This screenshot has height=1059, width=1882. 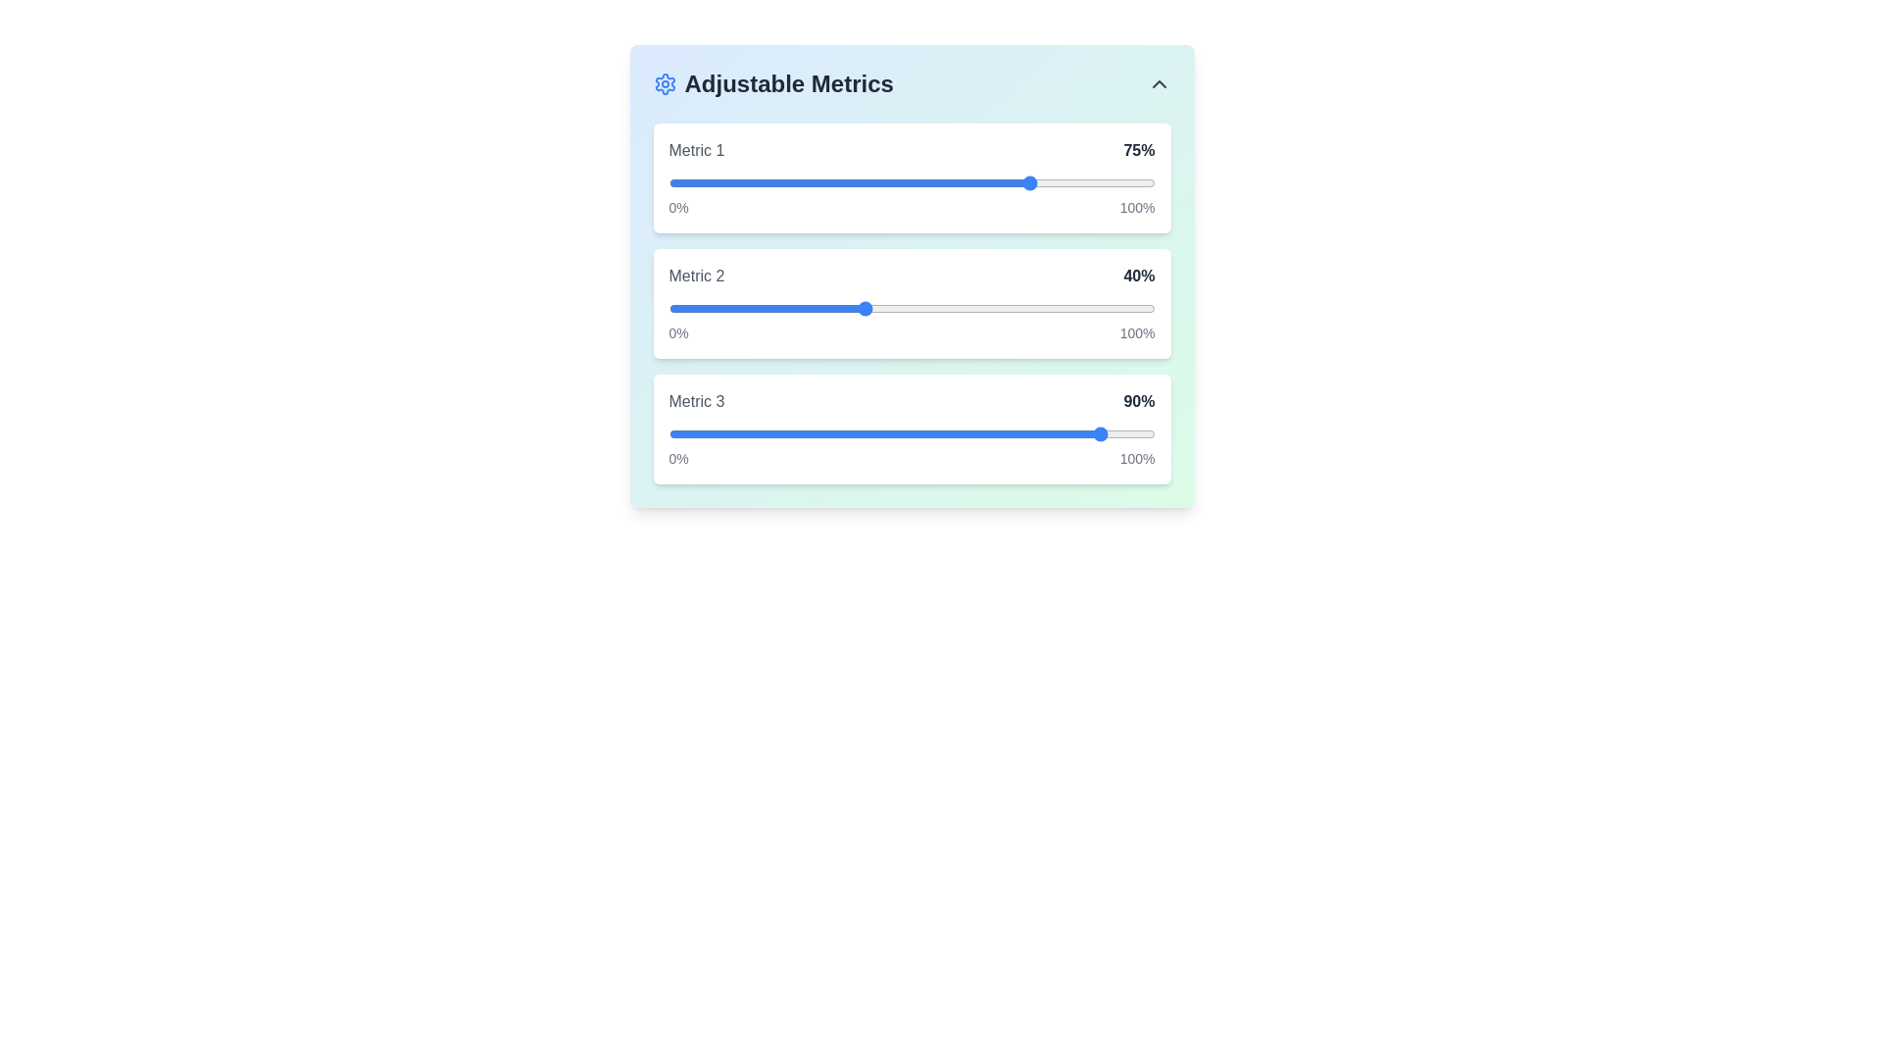 I want to click on the Metric 1 slider, so click(x=774, y=182).